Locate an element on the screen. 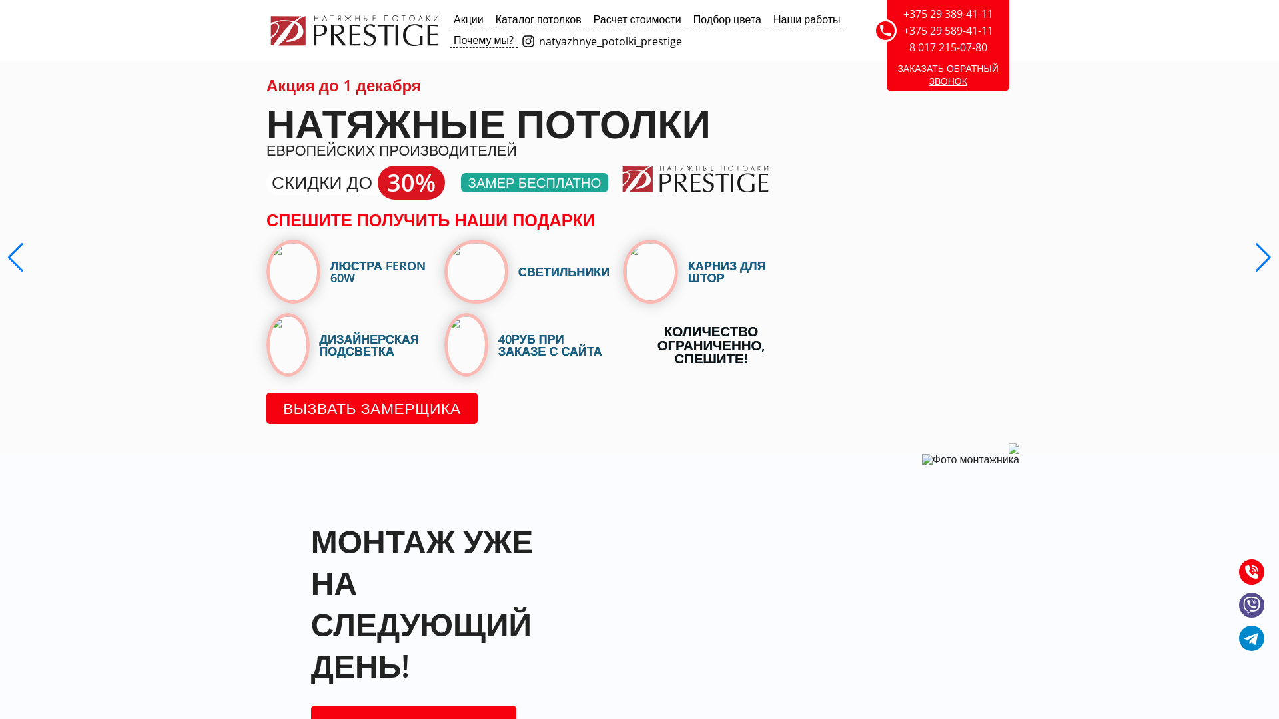 Image resolution: width=1279 pixels, height=719 pixels. '+375 29 389-41-11' is located at coordinates (947, 13).